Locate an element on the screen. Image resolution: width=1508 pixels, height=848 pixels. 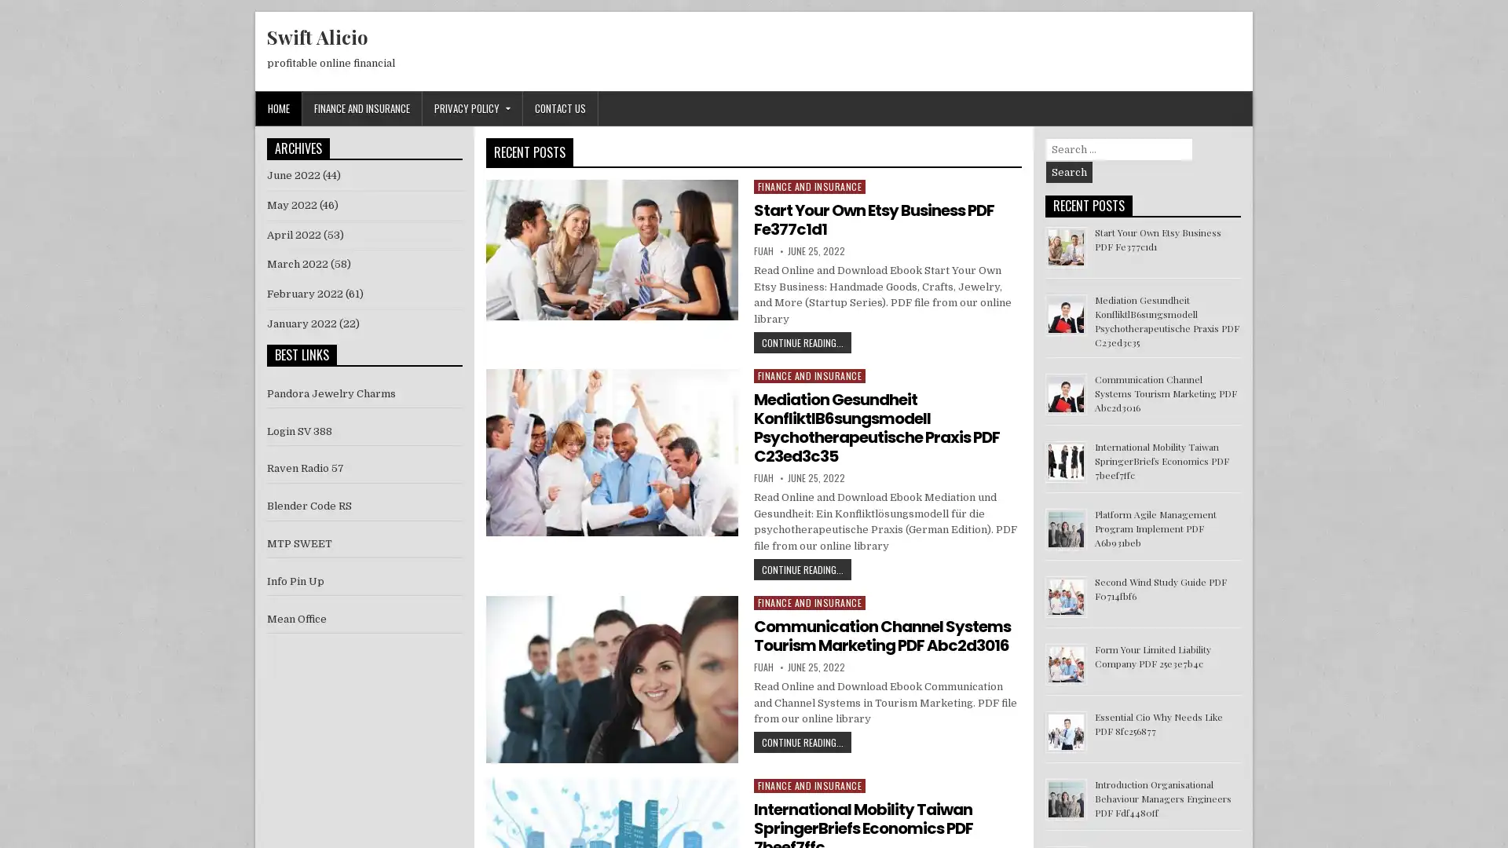
Search is located at coordinates (1068, 172).